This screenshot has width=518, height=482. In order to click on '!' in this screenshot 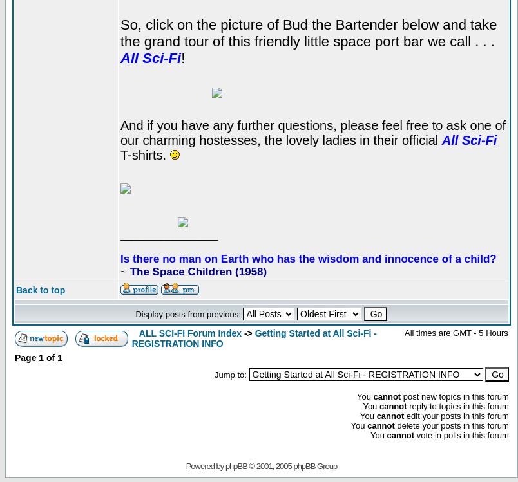, I will do `click(182, 57)`.